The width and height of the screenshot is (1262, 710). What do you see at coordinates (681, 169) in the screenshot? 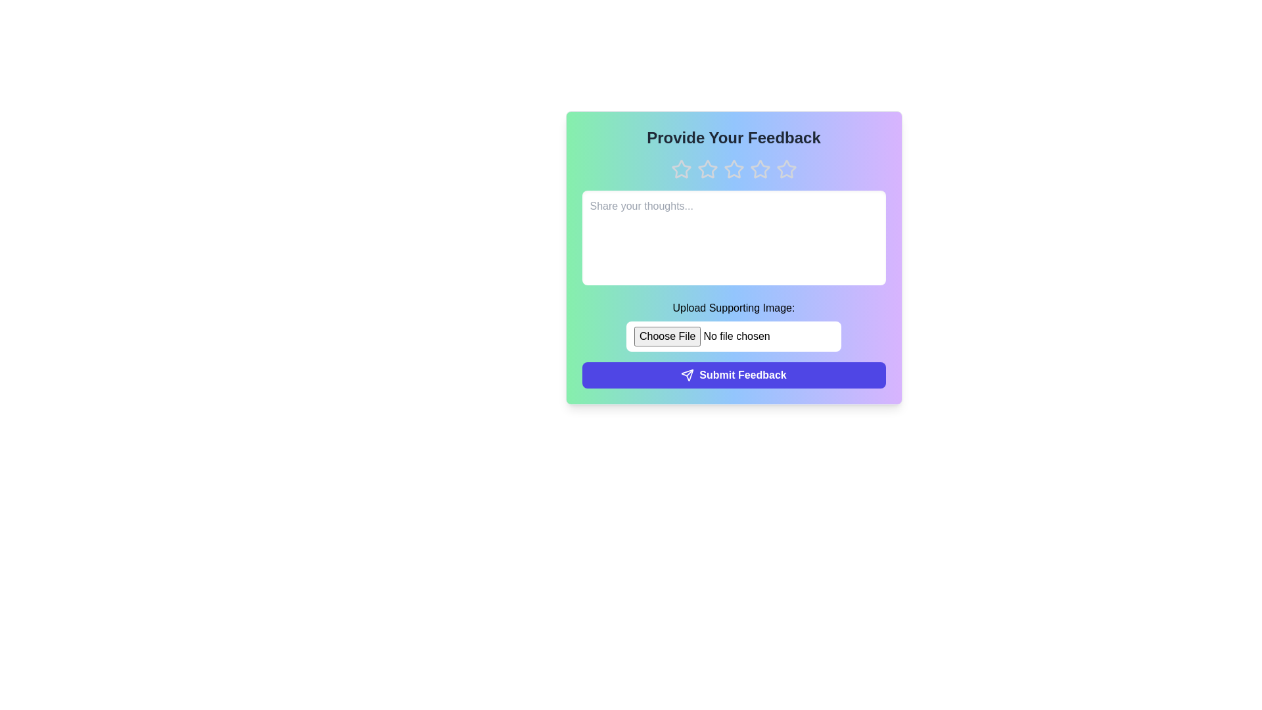
I see `the first star icon with a gray outline, located in a horizontal row of five similar icons in the feedback section` at bounding box center [681, 169].